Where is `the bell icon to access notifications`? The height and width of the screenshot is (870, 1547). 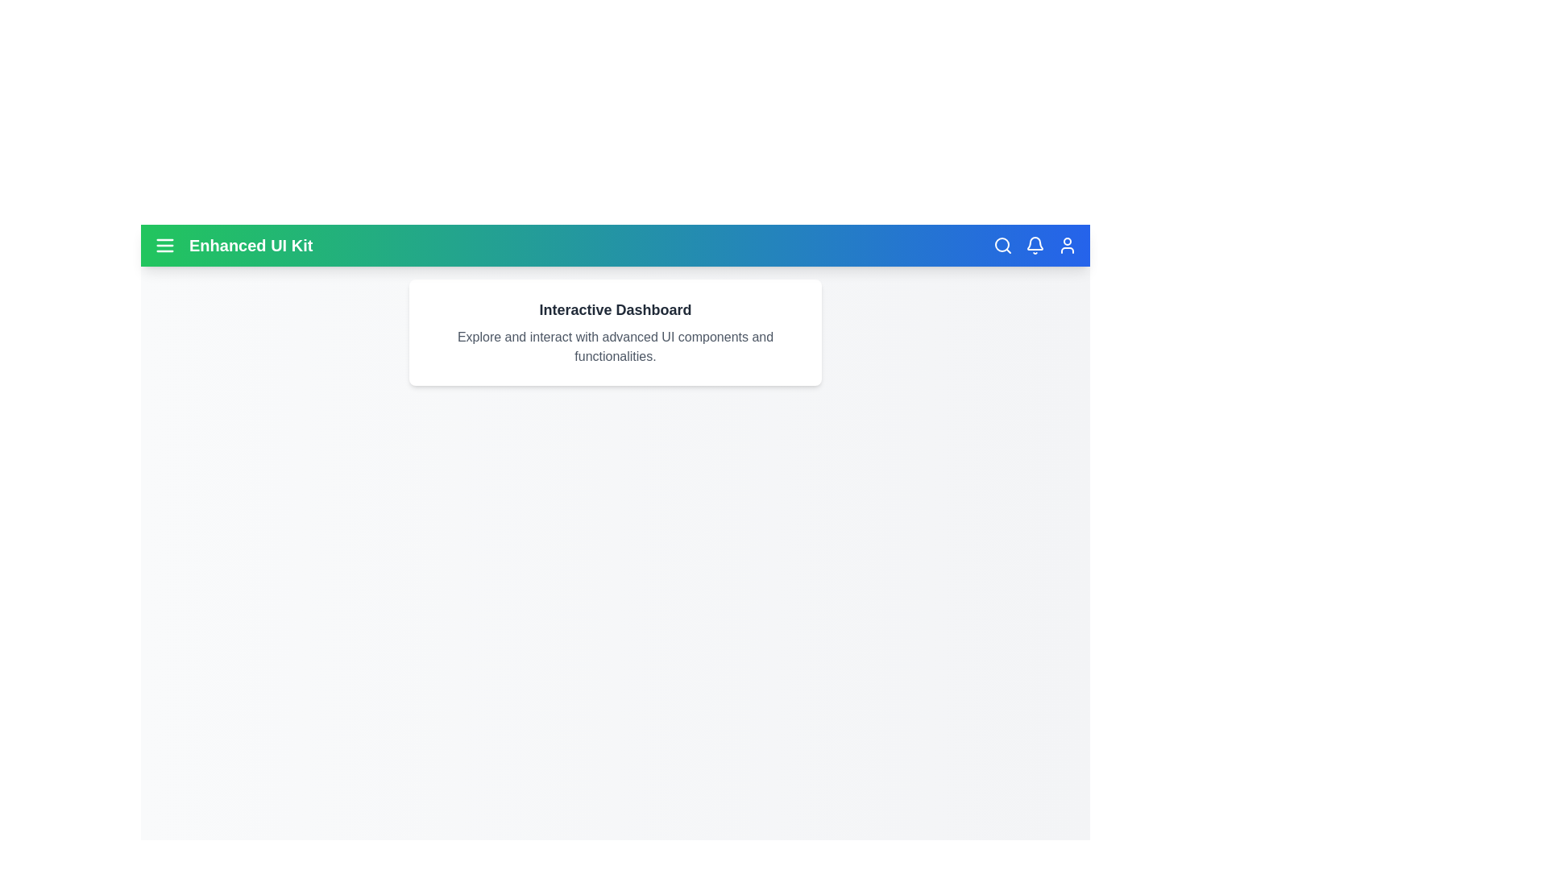 the bell icon to access notifications is located at coordinates (1035, 245).